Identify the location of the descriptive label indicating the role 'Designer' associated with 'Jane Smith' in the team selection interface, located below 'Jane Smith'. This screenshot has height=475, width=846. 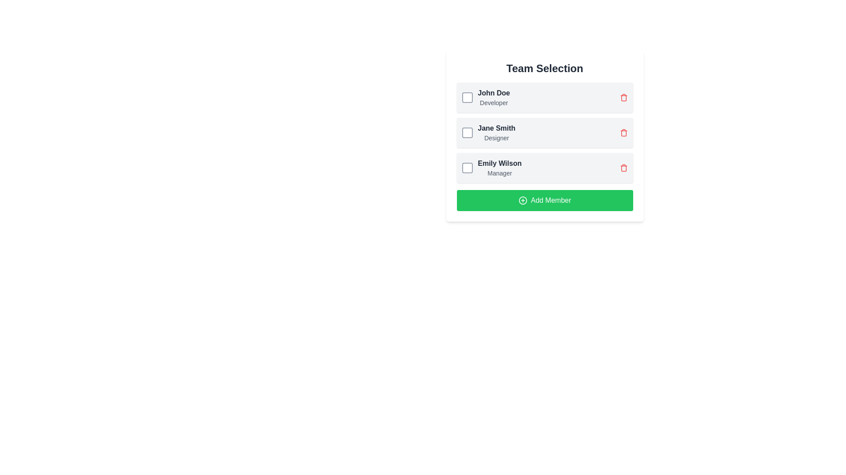
(497, 138).